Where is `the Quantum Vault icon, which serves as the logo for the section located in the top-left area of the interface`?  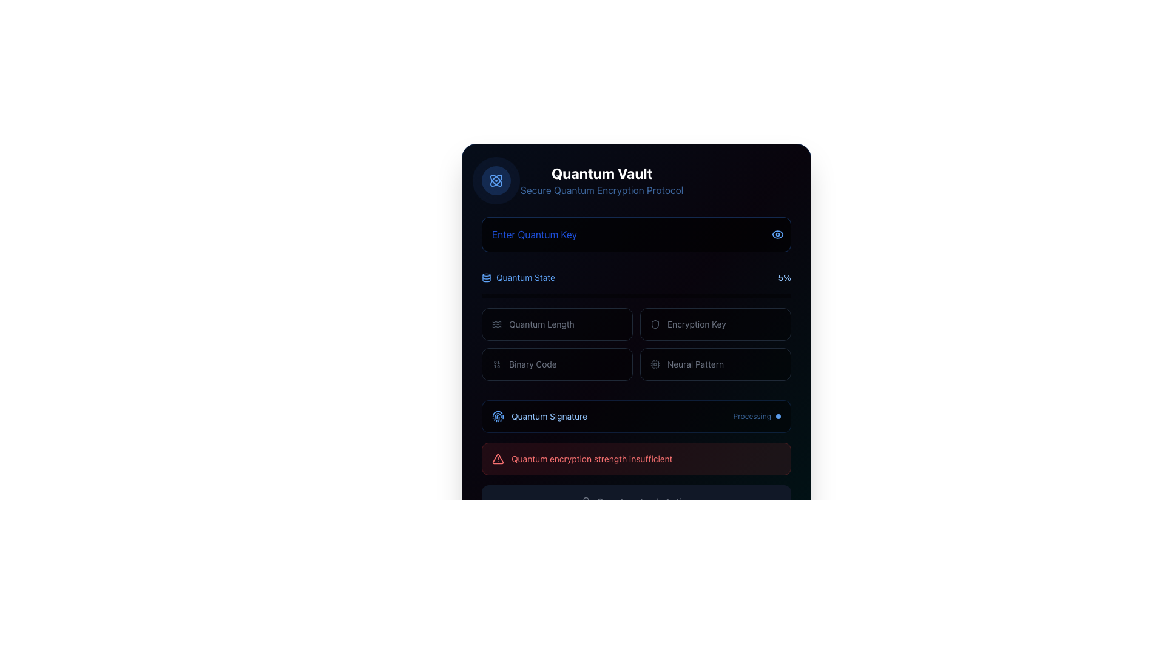 the Quantum Vault icon, which serves as the logo for the section located in the top-left area of the interface is located at coordinates (496, 180).